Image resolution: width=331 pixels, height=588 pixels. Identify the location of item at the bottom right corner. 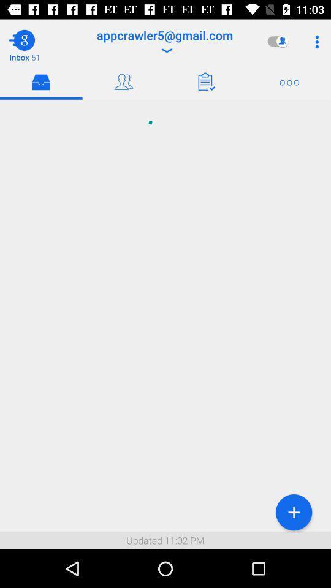
(293, 512).